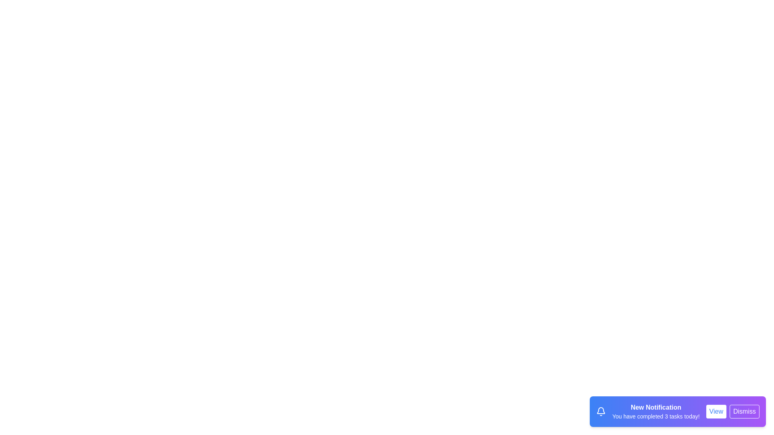 The width and height of the screenshot is (774, 435). Describe the element at coordinates (677, 412) in the screenshot. I see `the notification to observe the visual effects` at that location.